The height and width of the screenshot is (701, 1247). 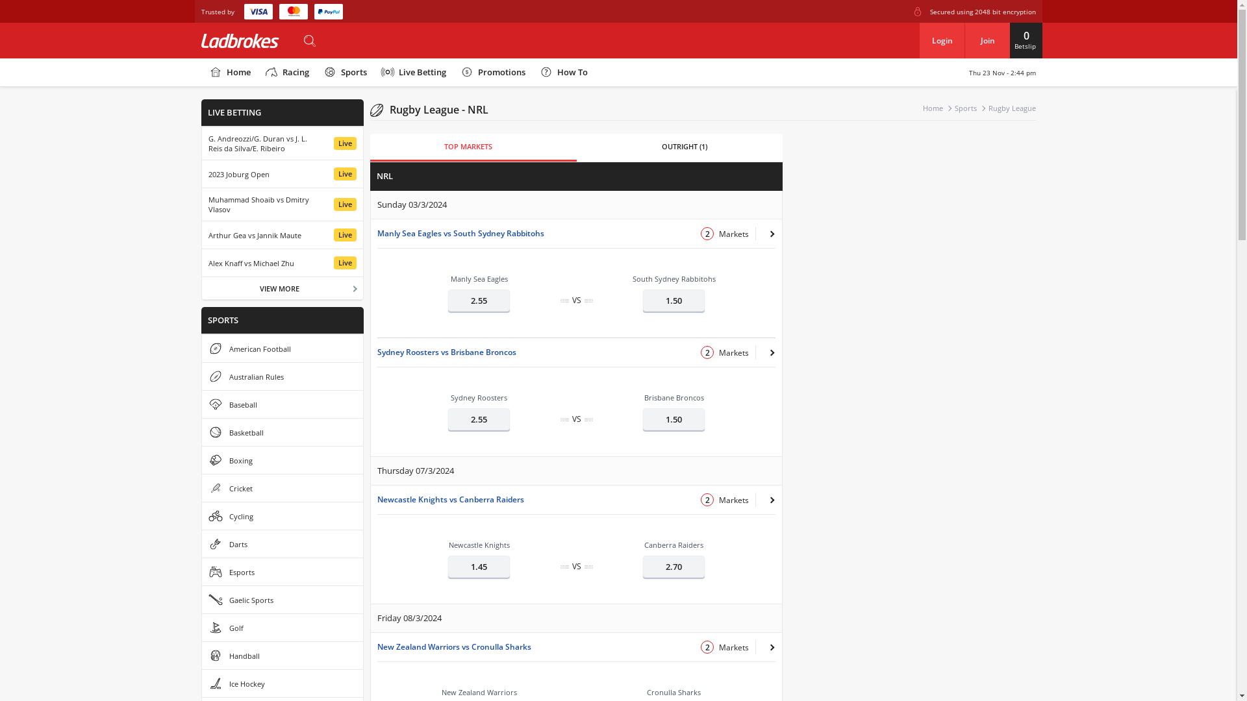 I want to click on 'Handball', so click(x=282, y=656).